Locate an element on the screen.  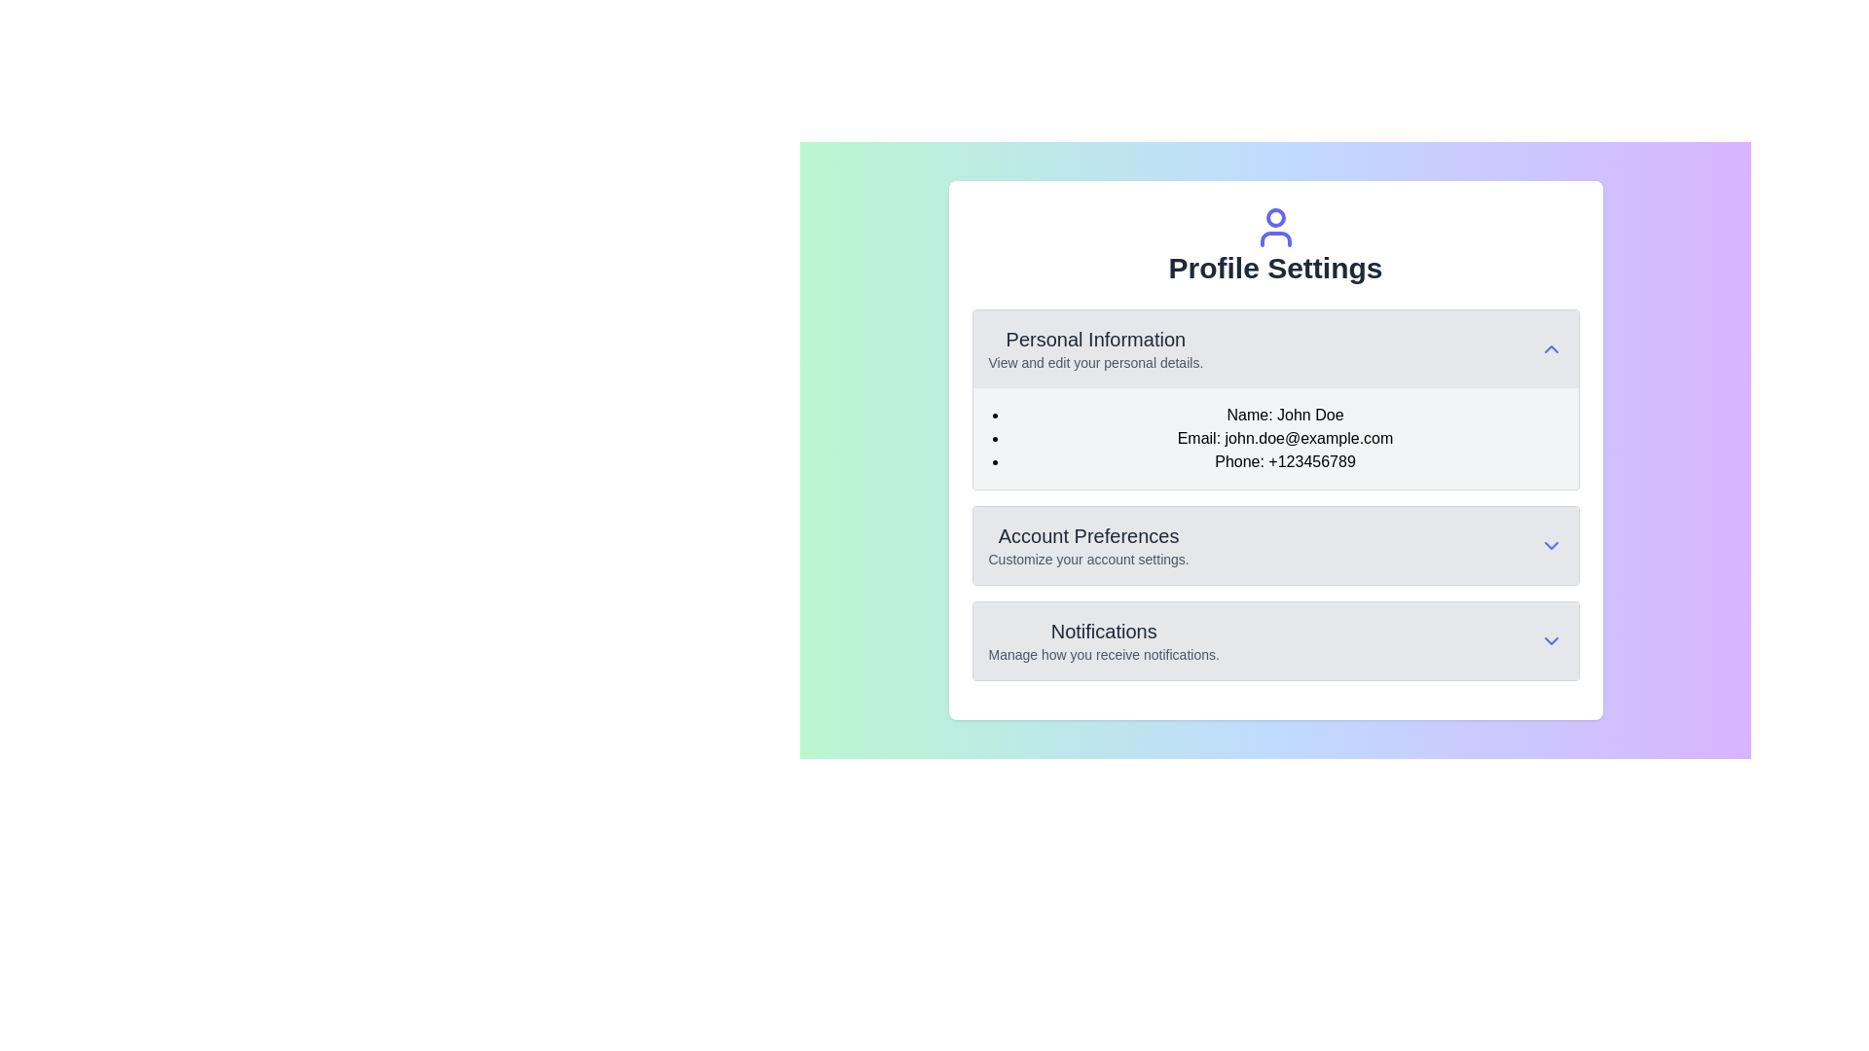
the text label displaying 'View and edit your personal details.' which is located beneath the 'Personal Information' heading in the section box is located at coordinates (1095, 363).